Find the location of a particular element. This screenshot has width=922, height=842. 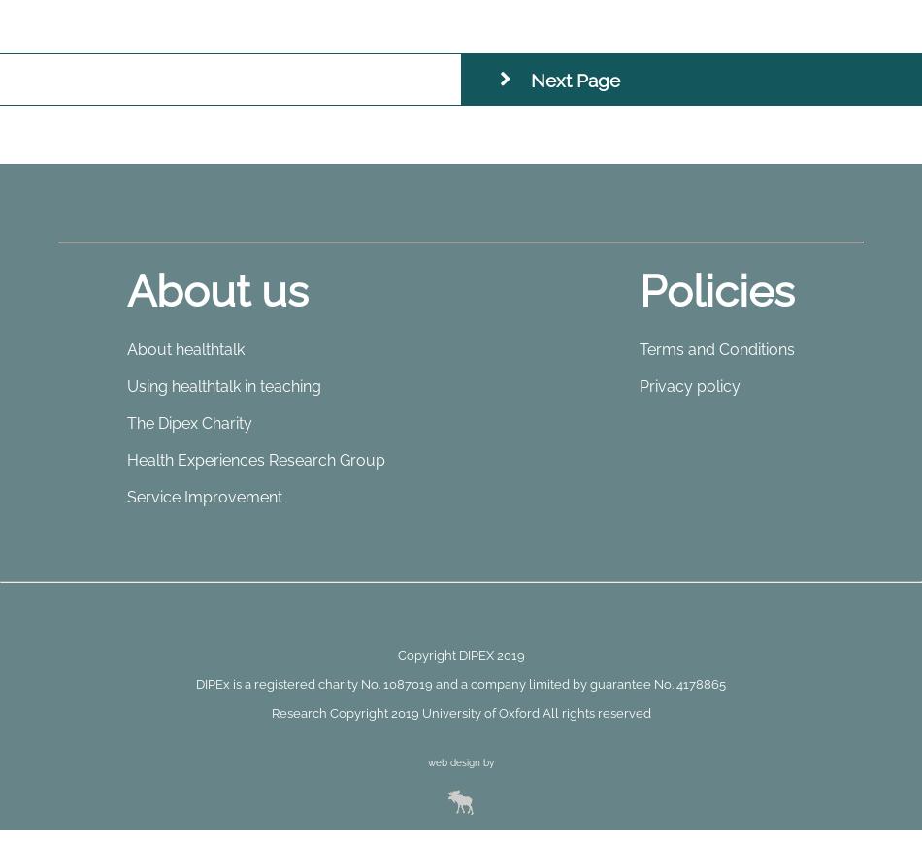

'Health Experiences Research Group' is located at coordinates (127, 459).